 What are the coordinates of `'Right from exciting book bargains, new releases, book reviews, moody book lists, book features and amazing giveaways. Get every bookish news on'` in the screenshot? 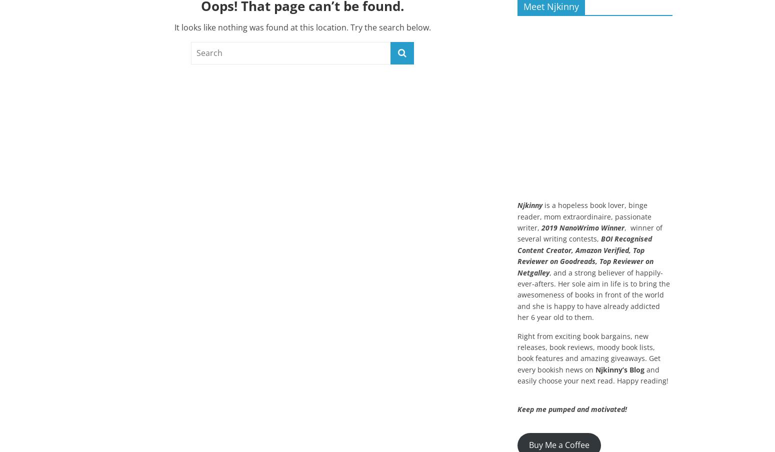 It's located at (589, 352).